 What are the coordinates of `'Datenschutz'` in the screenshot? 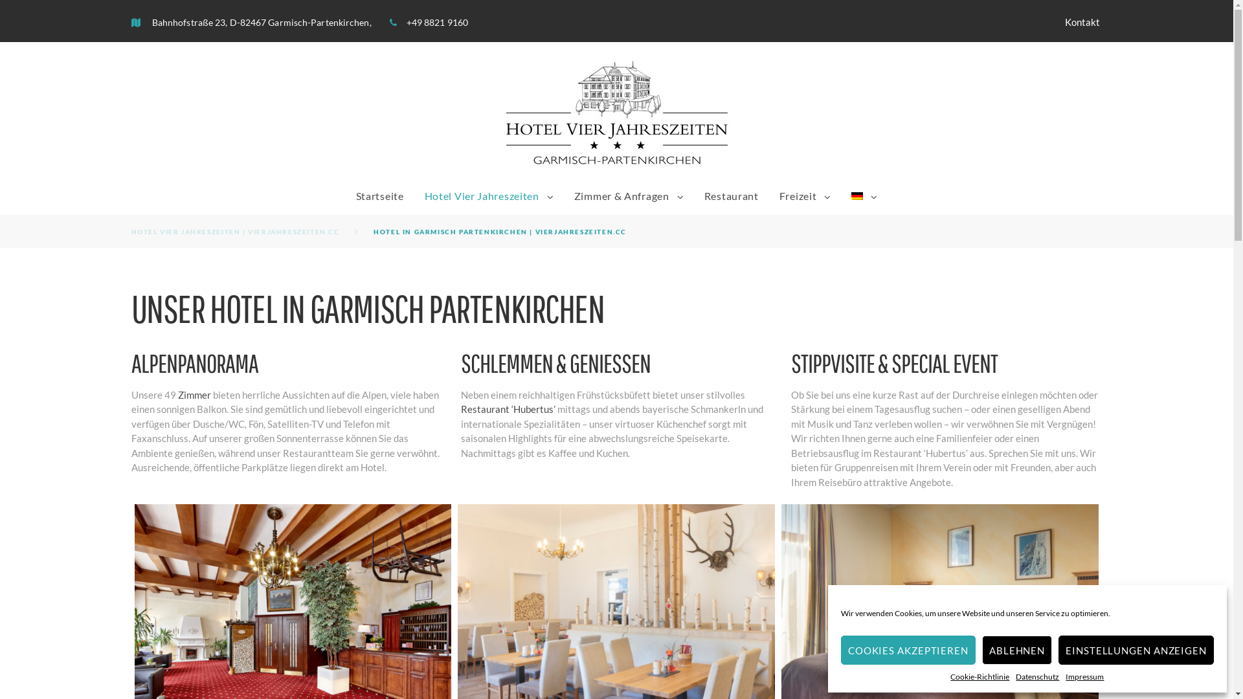 It's located at (1037, 676).